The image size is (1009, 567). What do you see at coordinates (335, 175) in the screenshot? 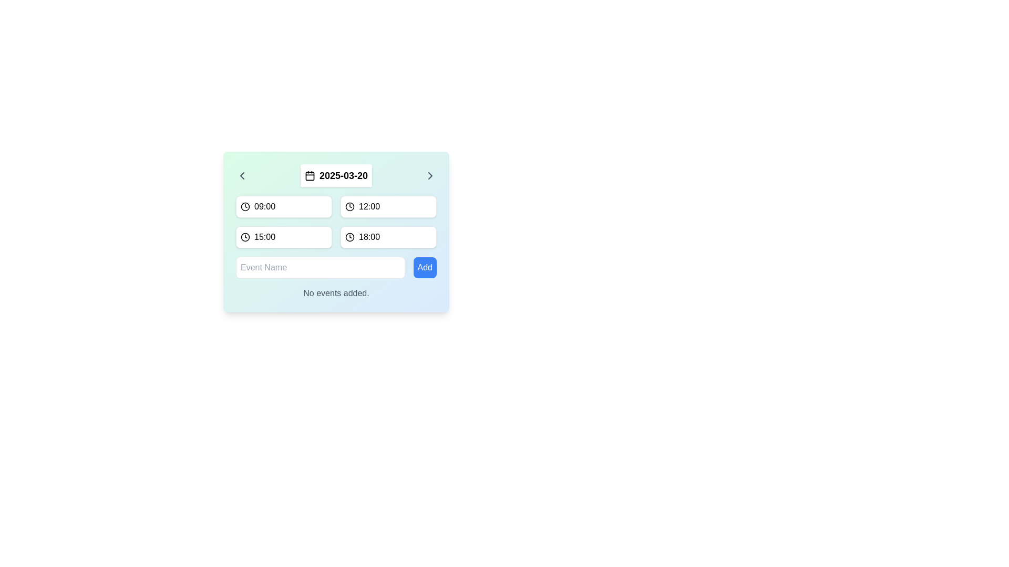
I see `the Date Display with Navigation that shows the date '2025-03-20'` at bounding box center [335, 175].